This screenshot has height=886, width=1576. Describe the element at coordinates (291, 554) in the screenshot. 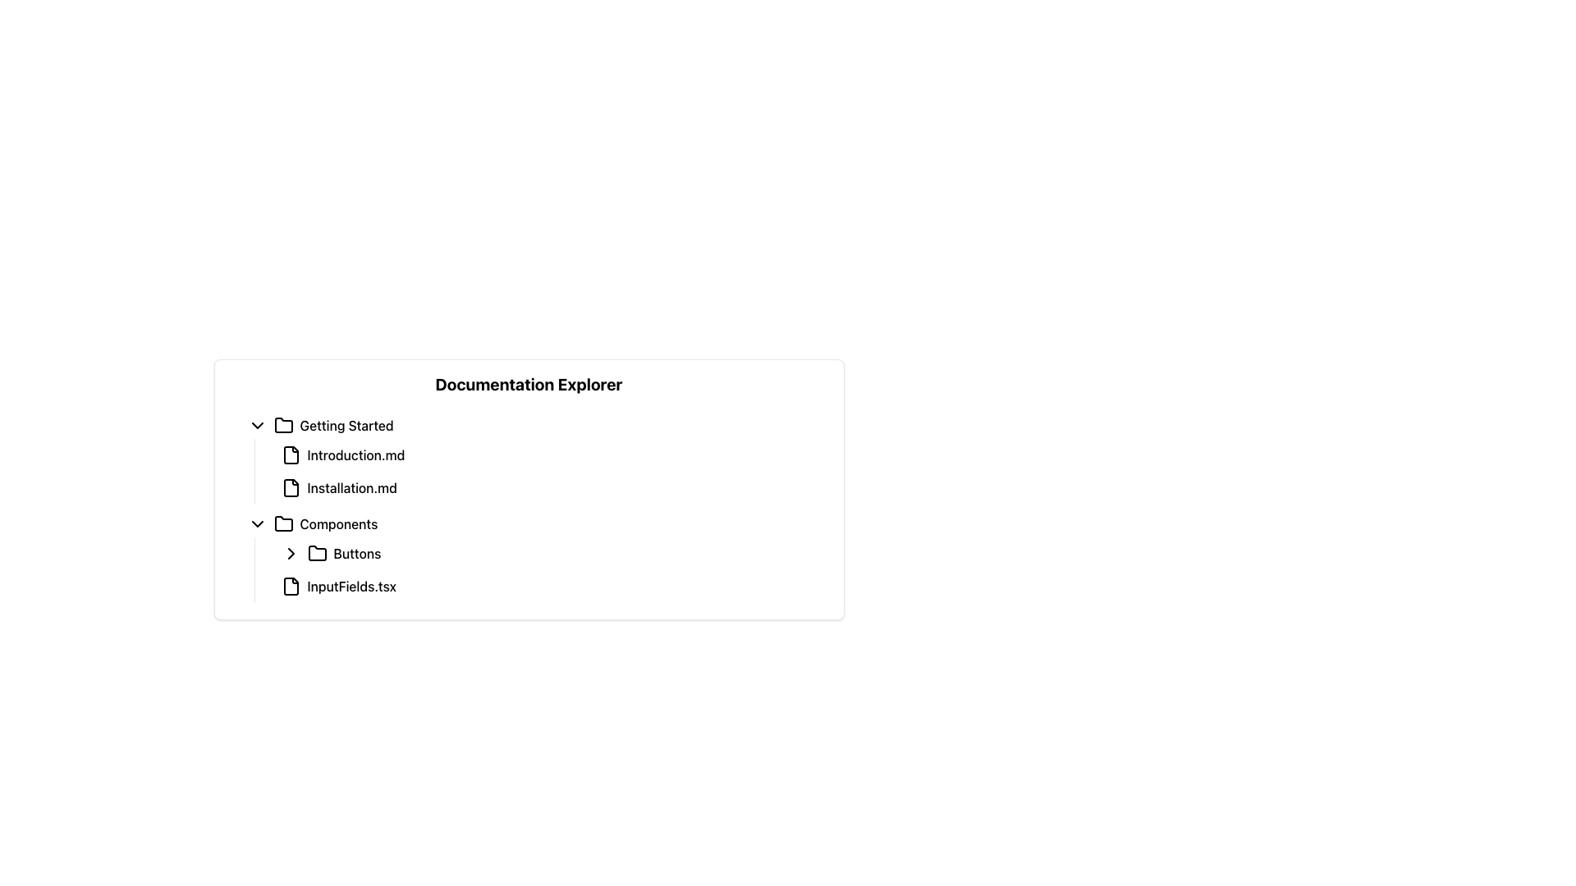

I see `the SVG graphic icon on the left of the 'Buttons' label` at that location.